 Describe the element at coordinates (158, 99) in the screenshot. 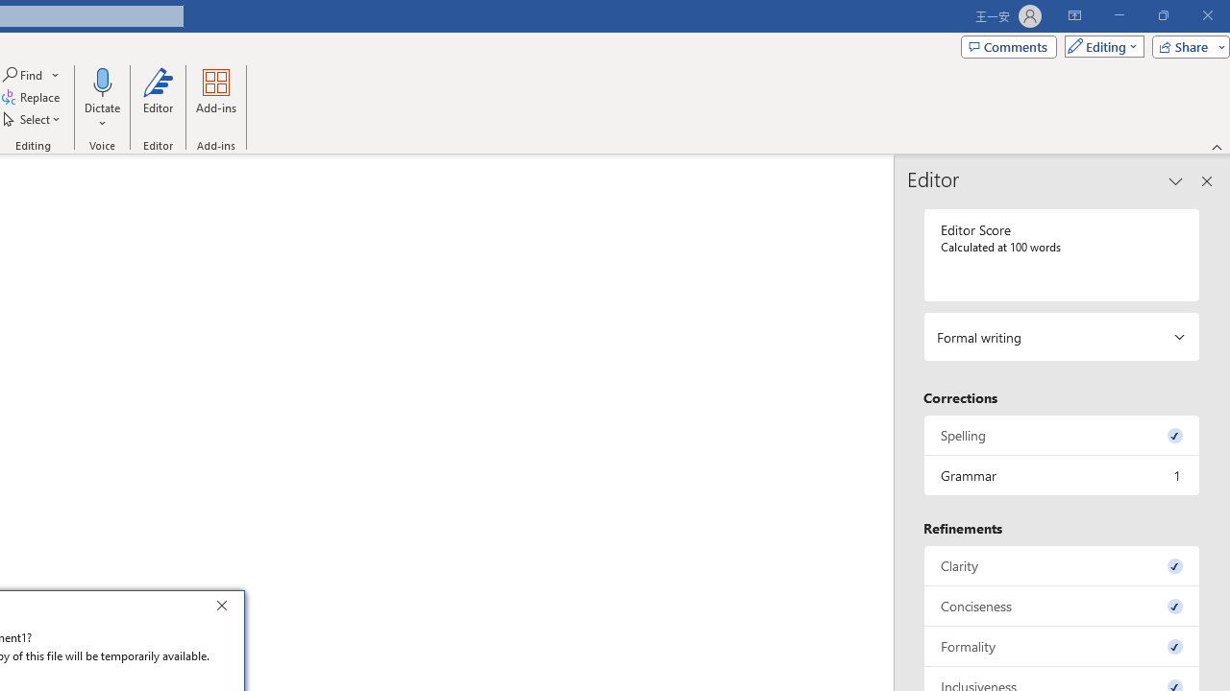

I see `'Editor'` at that location.